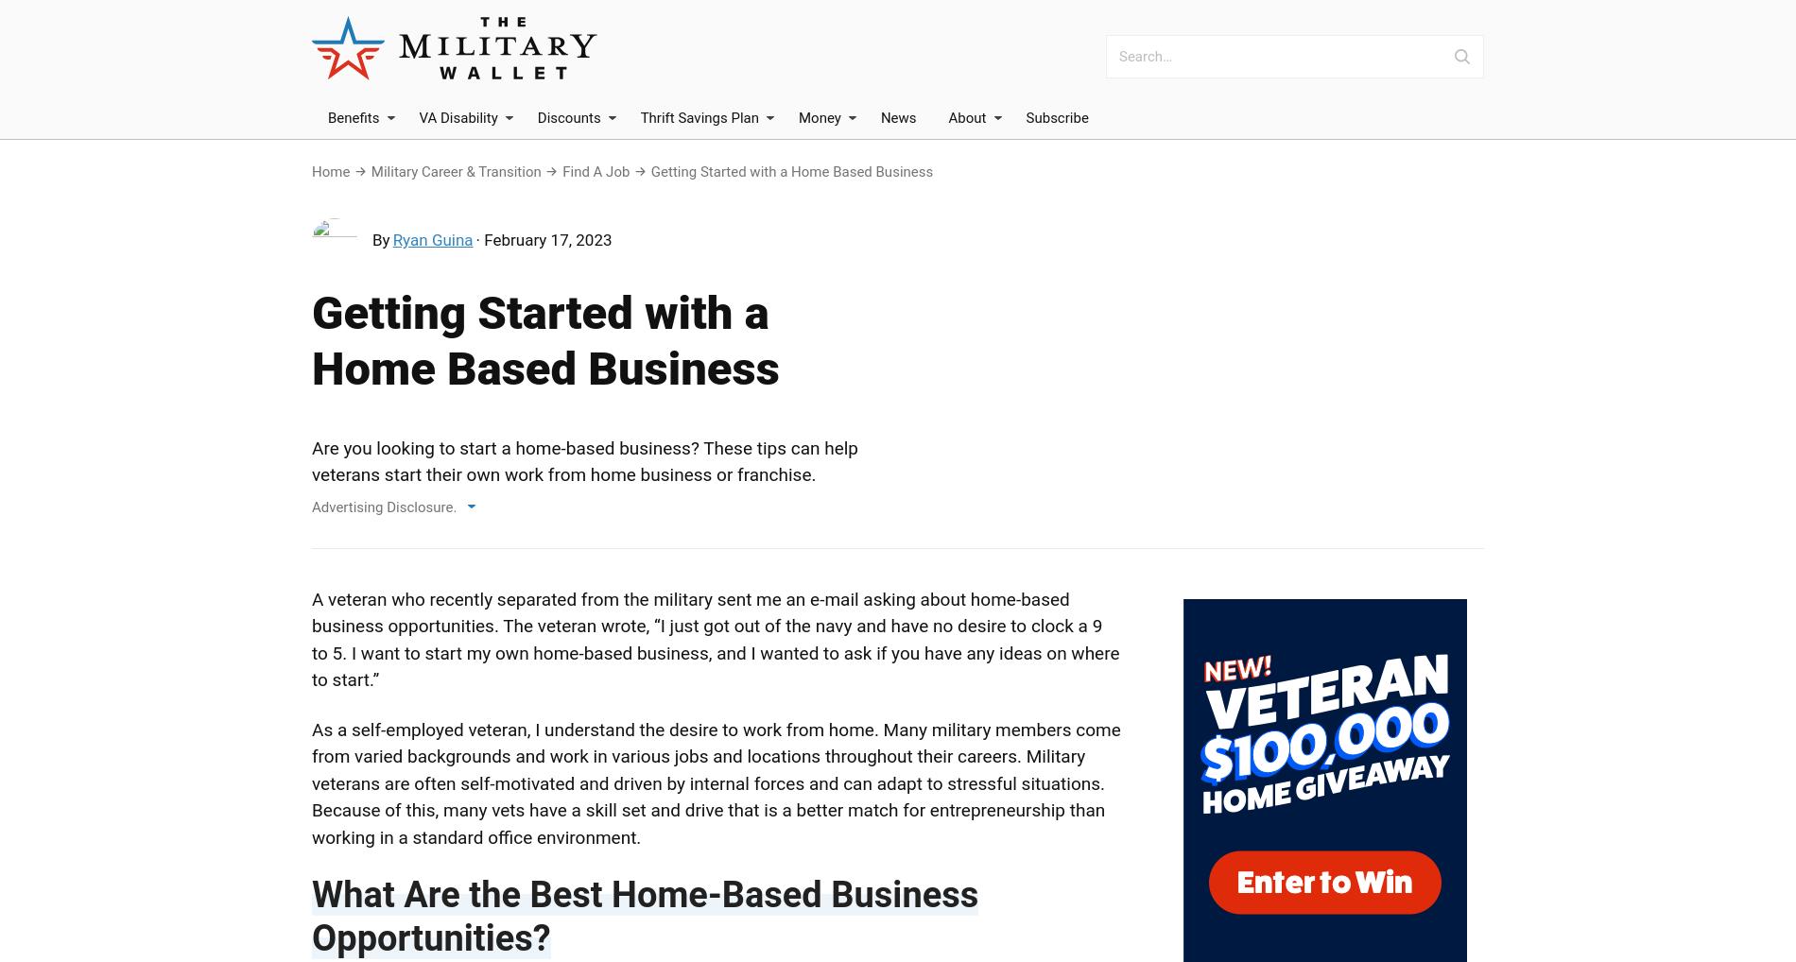  What do you see at coordinates (714, 639) in the screenshot?
I see `'A veteran who recently separated from the military sent me an e-mail asking about home-based business opportunities. The veteran wrote, “I just got out of the navy and have no desire to clock a 9 to 5. I want to start my own home-based business, and I wanted to ask if you have any ideas on where to start.”'` at bounding box center [714, 639].